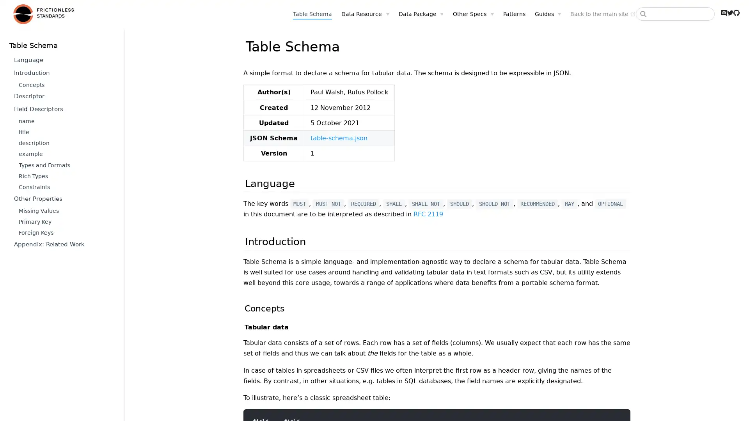 The width and height of the screenshot is (749, 421). Describe the element at coordinates (421, 14) in the screenshot. I see `Data Package` at that location.